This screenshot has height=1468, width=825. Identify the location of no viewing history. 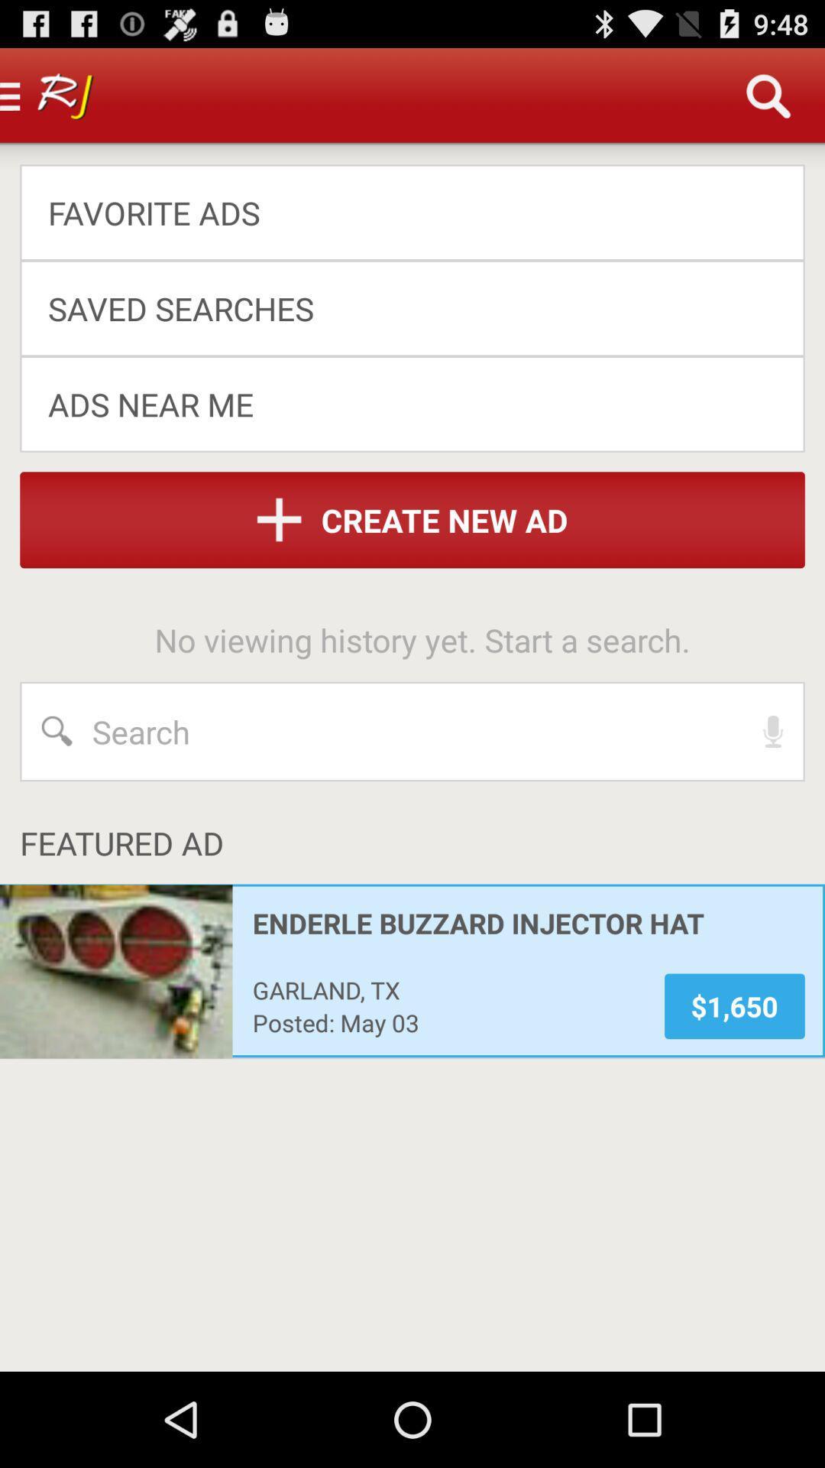
(422, 639).